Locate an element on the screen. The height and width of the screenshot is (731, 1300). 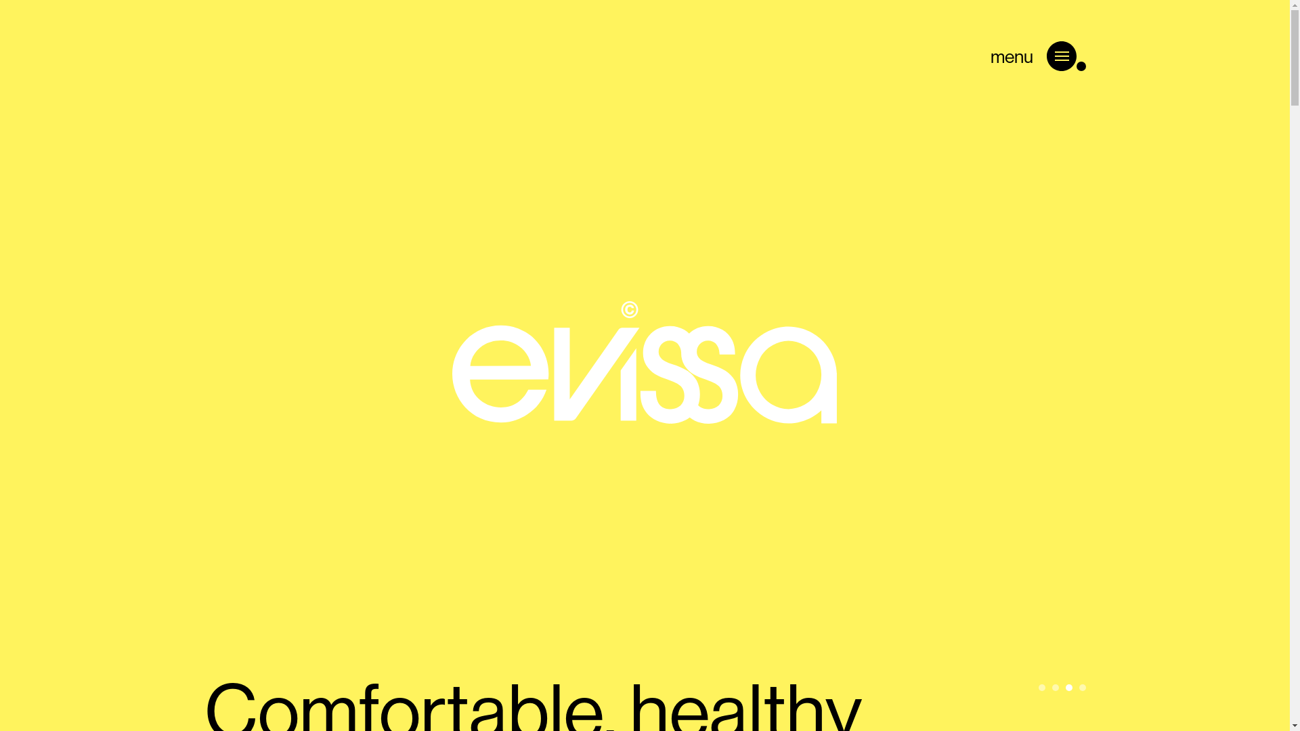
'menu' is located at coordinates (1037, 39).